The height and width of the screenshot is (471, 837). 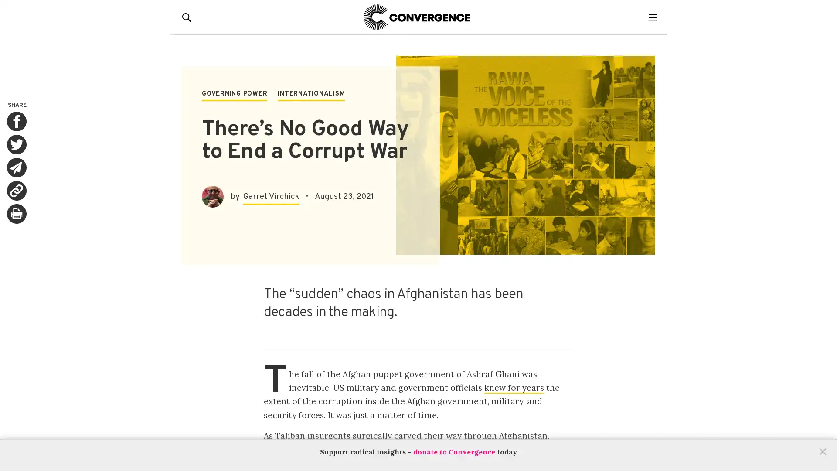 I want to click on Toggle search menu, so click(x=188, y=17).